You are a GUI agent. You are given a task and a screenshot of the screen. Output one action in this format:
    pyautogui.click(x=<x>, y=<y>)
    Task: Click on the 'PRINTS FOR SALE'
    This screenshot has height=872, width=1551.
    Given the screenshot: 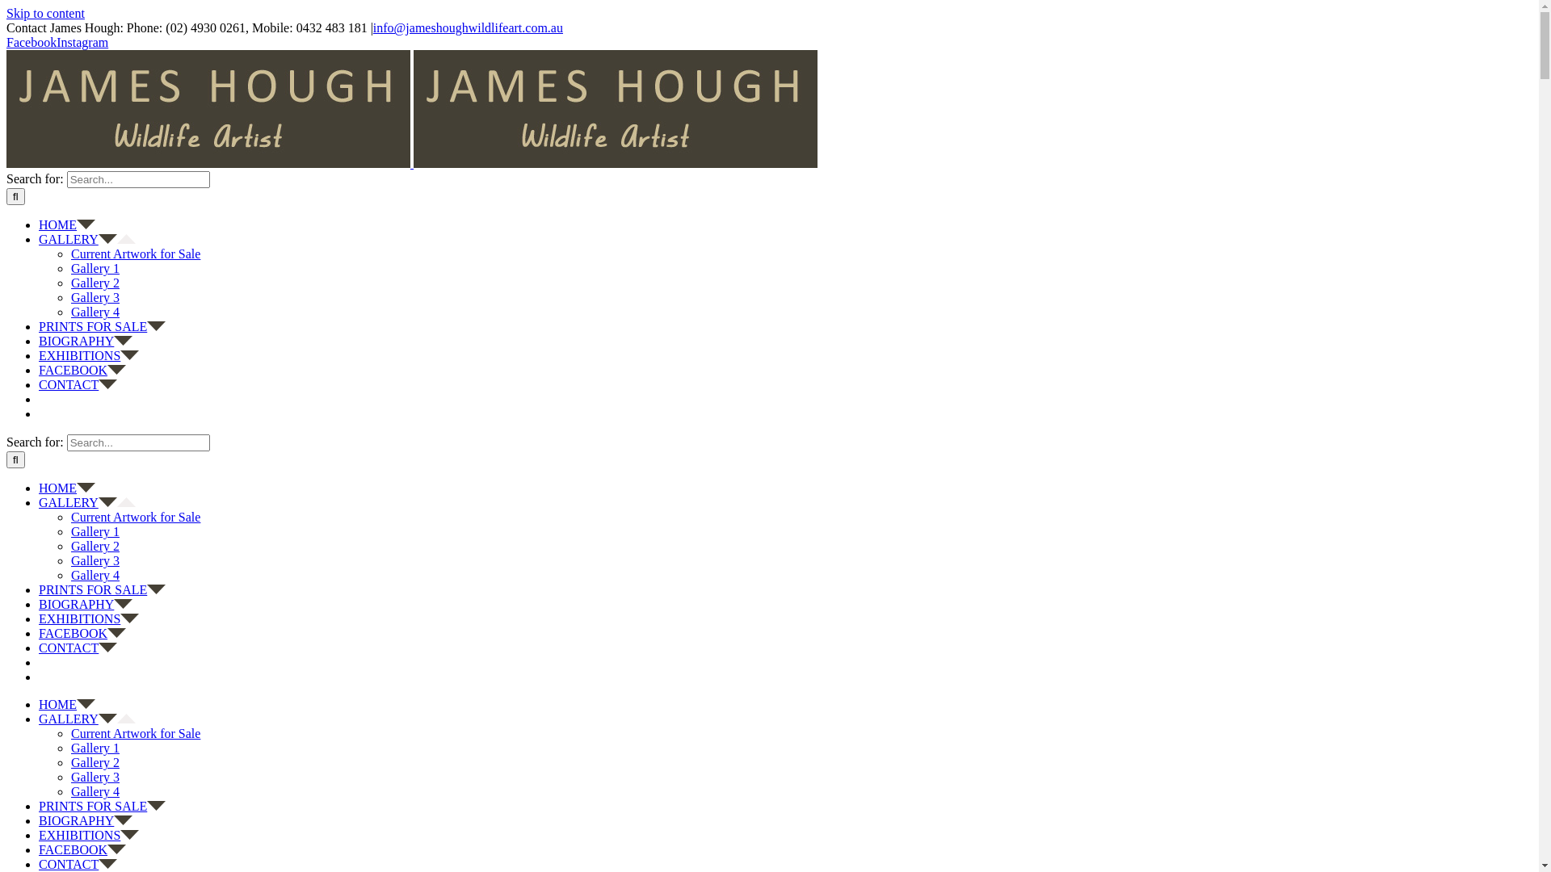 What is the action you would take?
    pyautogui.click(x=101, y=326)
    